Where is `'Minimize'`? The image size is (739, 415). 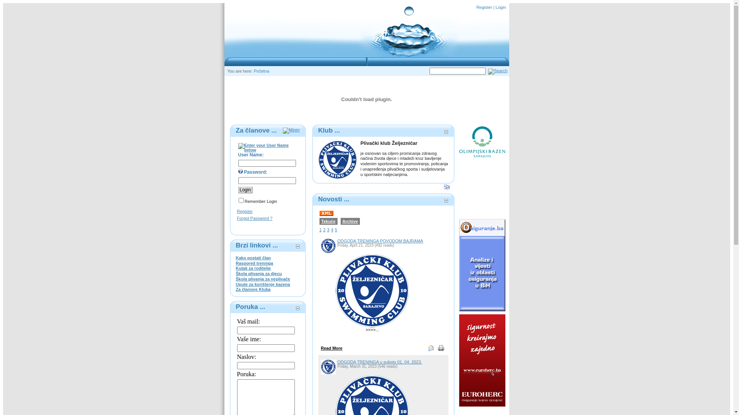 'Minimize' is located at coordinates (297, 307).